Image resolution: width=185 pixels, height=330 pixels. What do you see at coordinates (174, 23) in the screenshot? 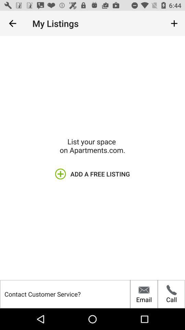
I see `item at the top right corner` at bounding box center [174, 23].